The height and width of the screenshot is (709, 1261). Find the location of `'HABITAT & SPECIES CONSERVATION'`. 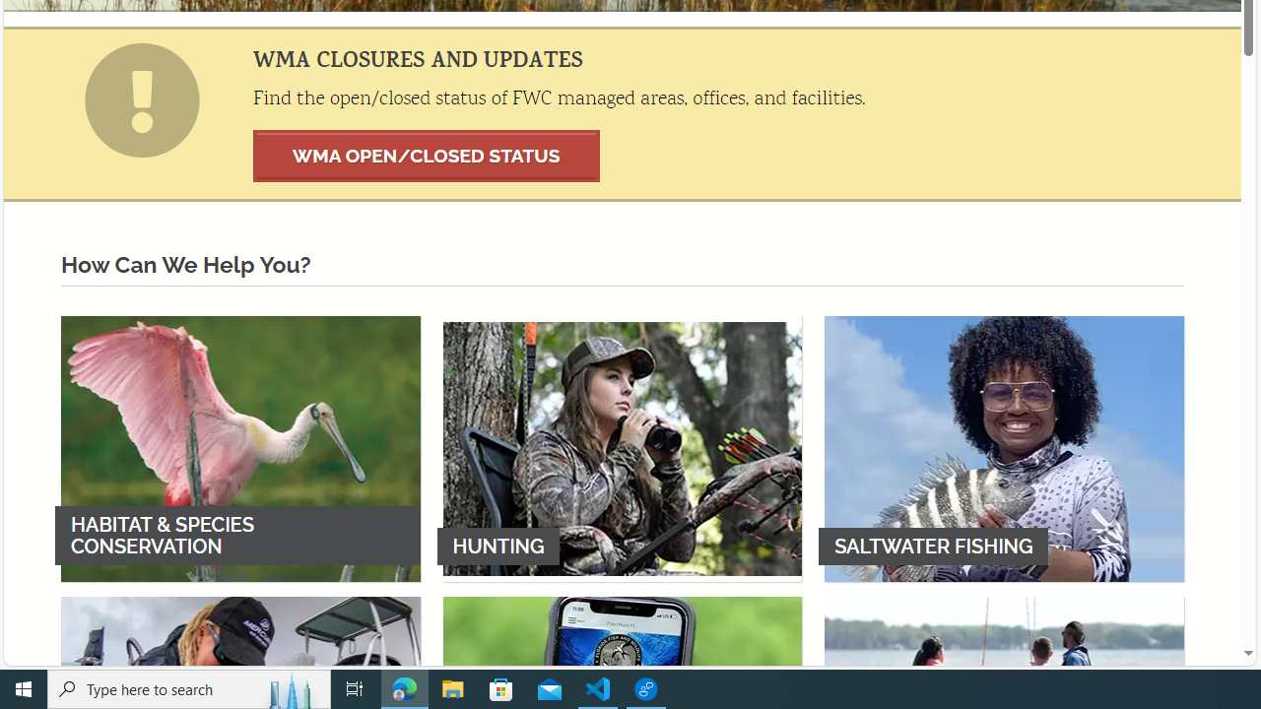

'HABITAT & SPECIES CONSERVATION' is located at coordinates (239, 448).